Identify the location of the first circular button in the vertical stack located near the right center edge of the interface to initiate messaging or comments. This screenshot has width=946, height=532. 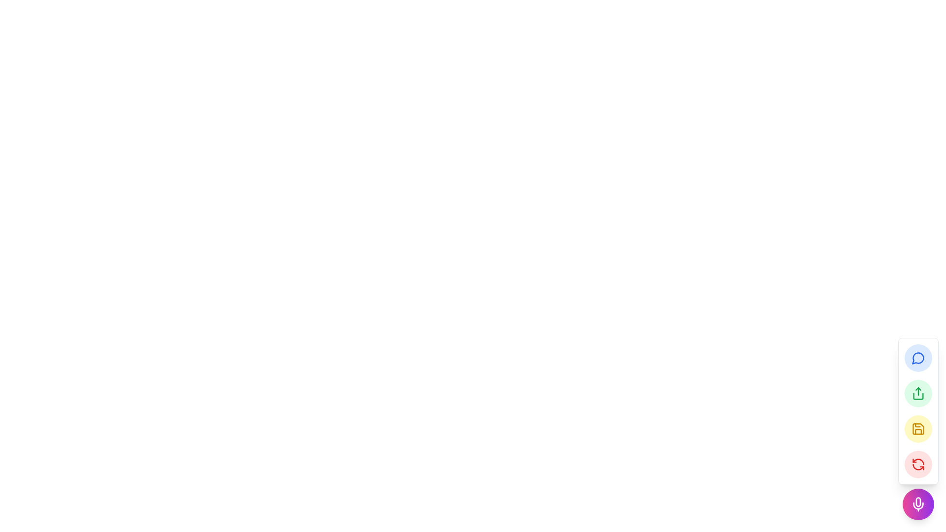
(917, 358).